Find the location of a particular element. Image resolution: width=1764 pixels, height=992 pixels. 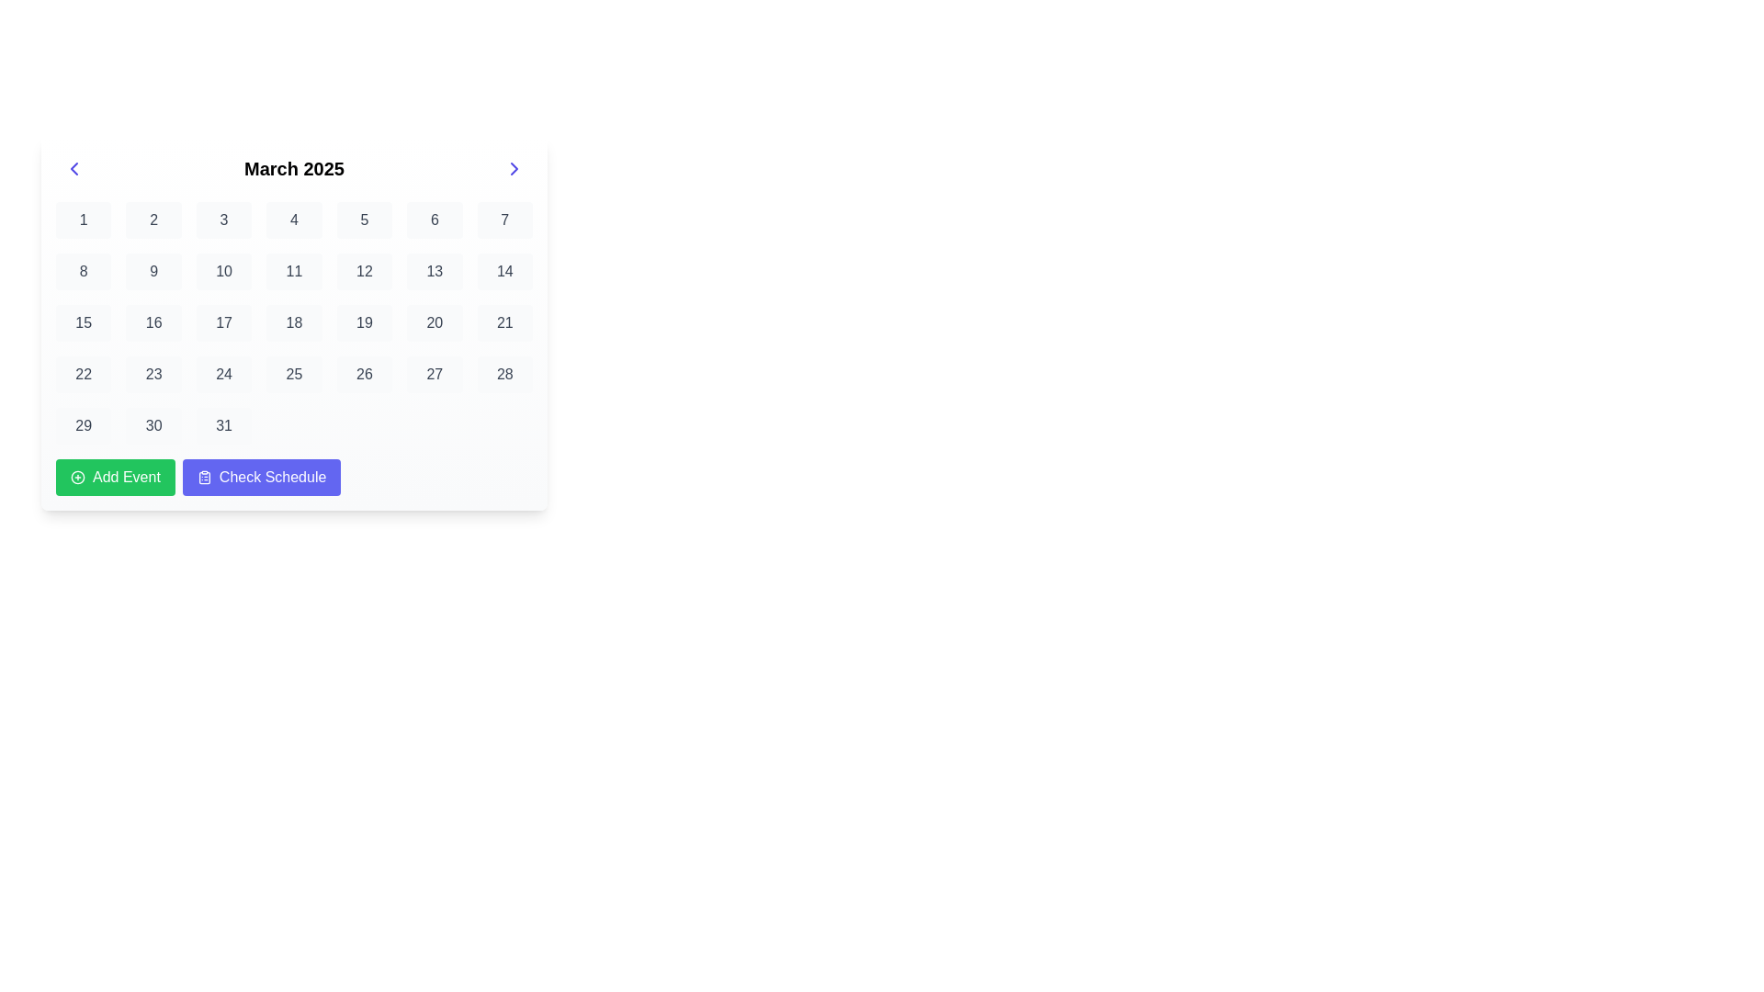

the calendar day button representing the third day of the month is located at coordinates (223, 219).